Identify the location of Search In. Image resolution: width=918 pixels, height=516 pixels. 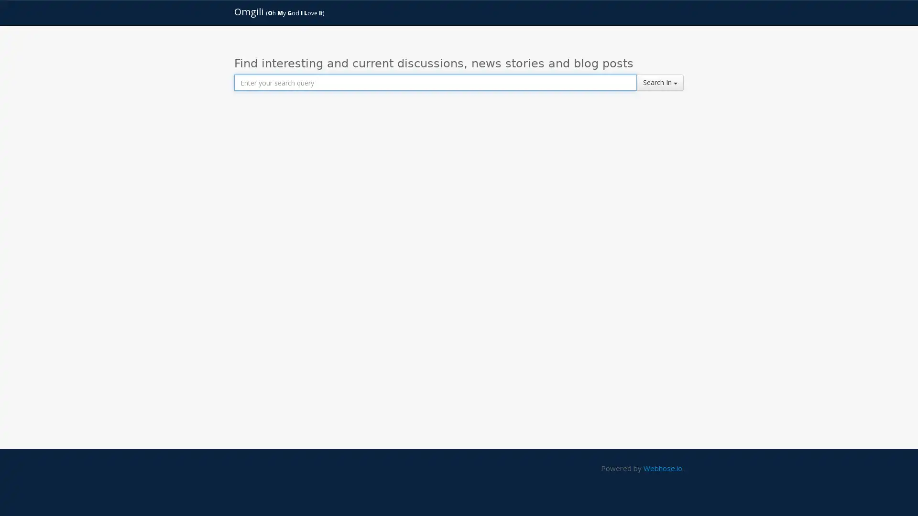
(660, 82).